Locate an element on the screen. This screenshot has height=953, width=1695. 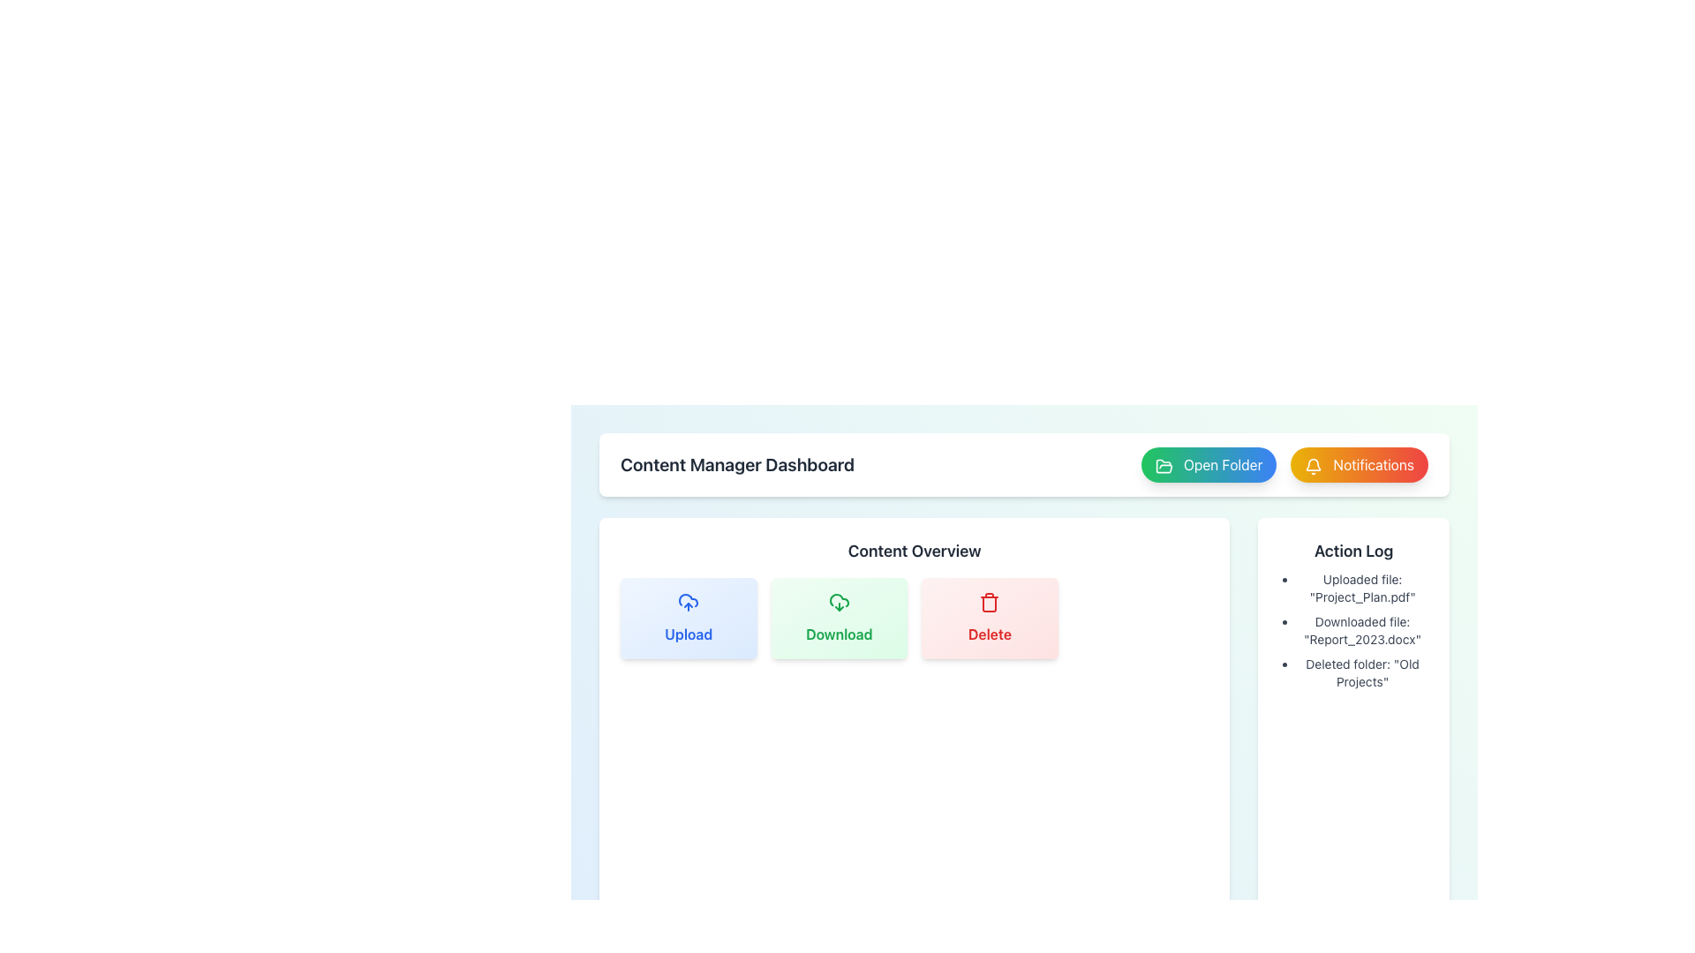
the text label displaying 'Downloaded file: "Report_2023.docx"' which is the second item in the bulleted list of the 'Action Log' section is located at coordinates (1361, 629).